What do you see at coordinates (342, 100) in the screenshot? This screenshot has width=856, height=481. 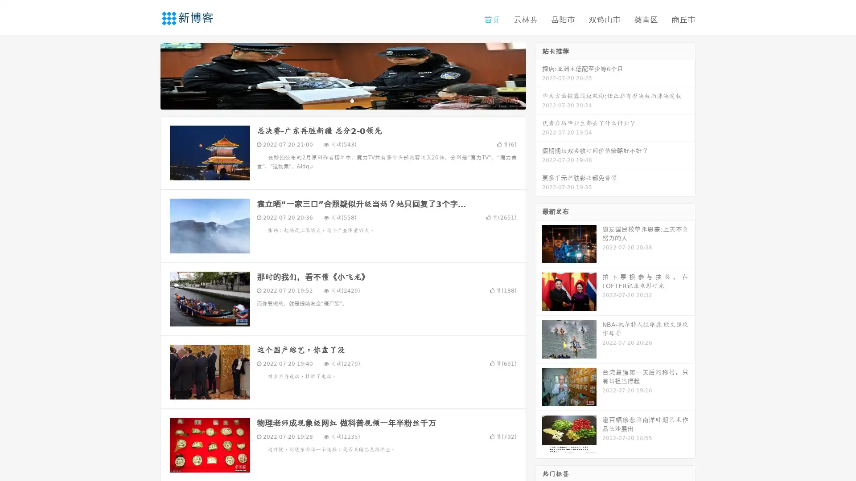 I see `Go to slide 2` at bounding box center [342, 100].